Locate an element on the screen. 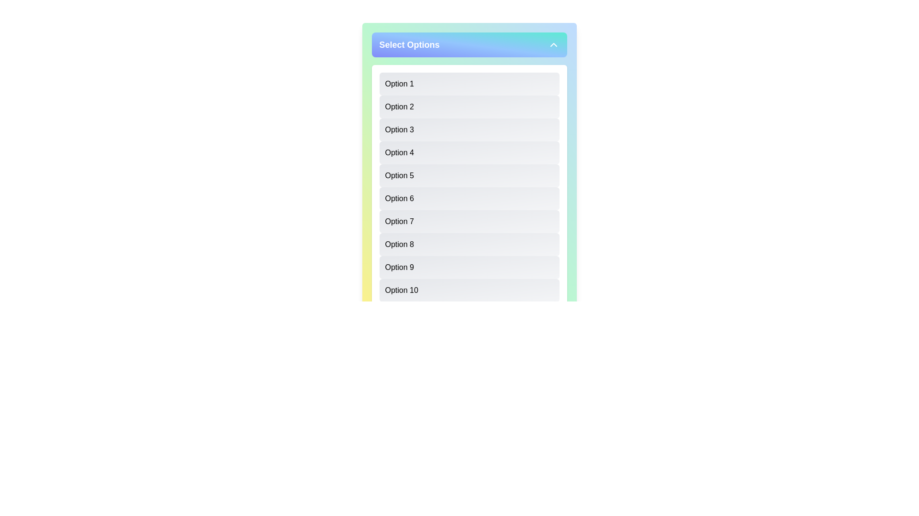 The width and height of the screenshot is (919, 516). the text content of the topmost option in the dropdown list under the 'Select Options' heading is located at coordinates (399, 84).